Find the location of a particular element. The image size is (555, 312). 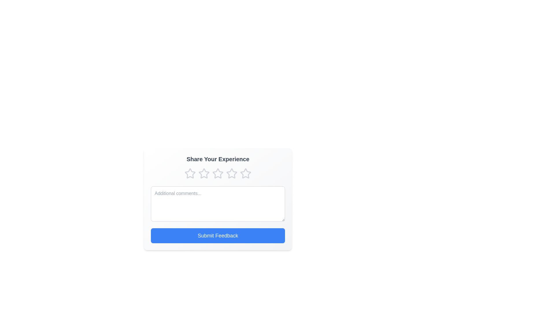

the second star in the interactive star rating icon to rate it as 2 stars is located at coordinates (204, 173).